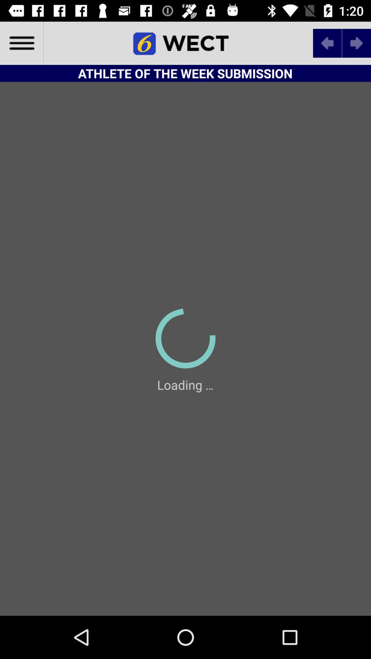 This screenshot has height=659, width=371. I want to click on the menu icon, so click(21, 43).